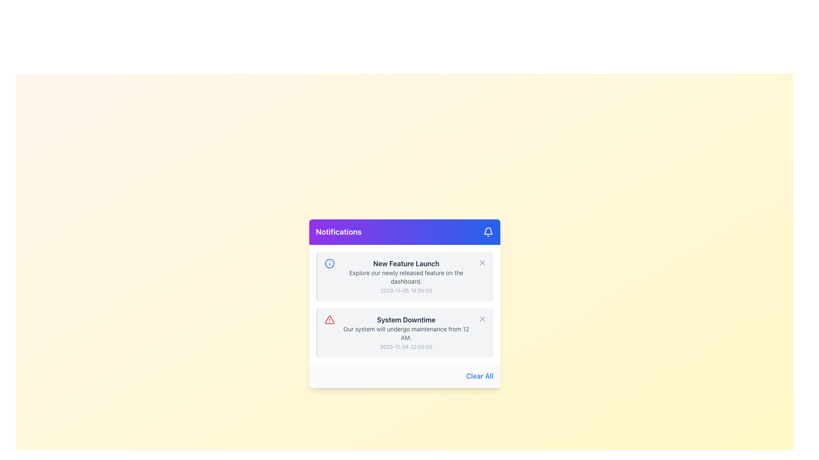 The width and height of the screenshot is (819, 460). Describe the element at coordinates (406, 277) in the screenshot. I see `the text element stating 'Explore our newly released feature on the dashboard' which is located in a notification card beneath the title 'New Feature Launch'` at that location.